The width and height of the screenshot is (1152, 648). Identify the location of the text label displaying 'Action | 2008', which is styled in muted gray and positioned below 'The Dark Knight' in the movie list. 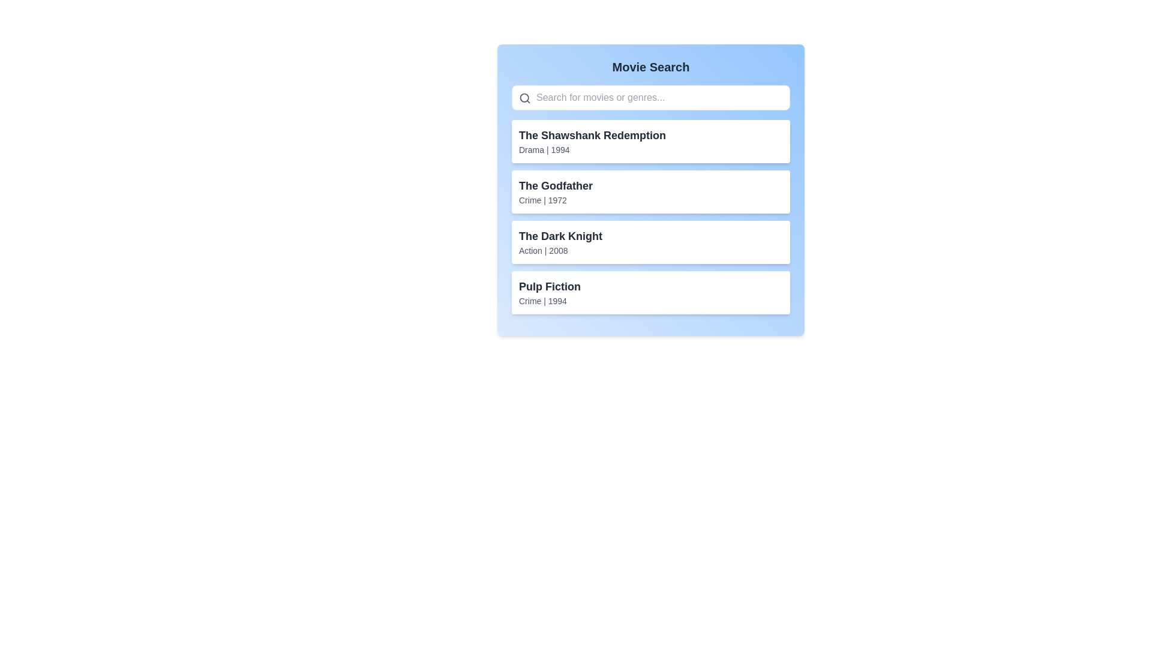
(560, 250).